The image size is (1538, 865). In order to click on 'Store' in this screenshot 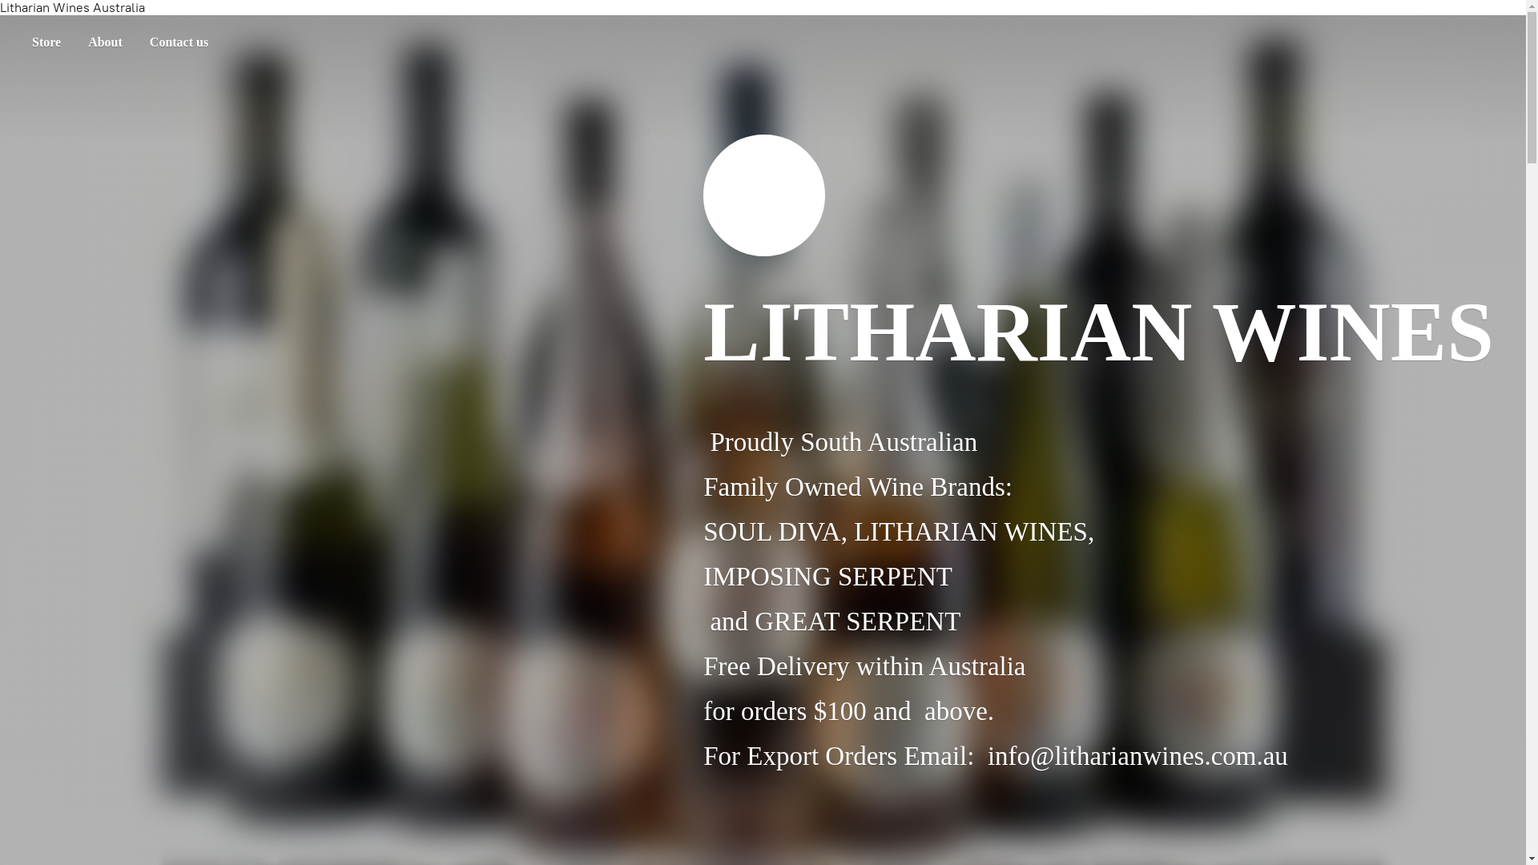, I will do `click(46, 42)`.